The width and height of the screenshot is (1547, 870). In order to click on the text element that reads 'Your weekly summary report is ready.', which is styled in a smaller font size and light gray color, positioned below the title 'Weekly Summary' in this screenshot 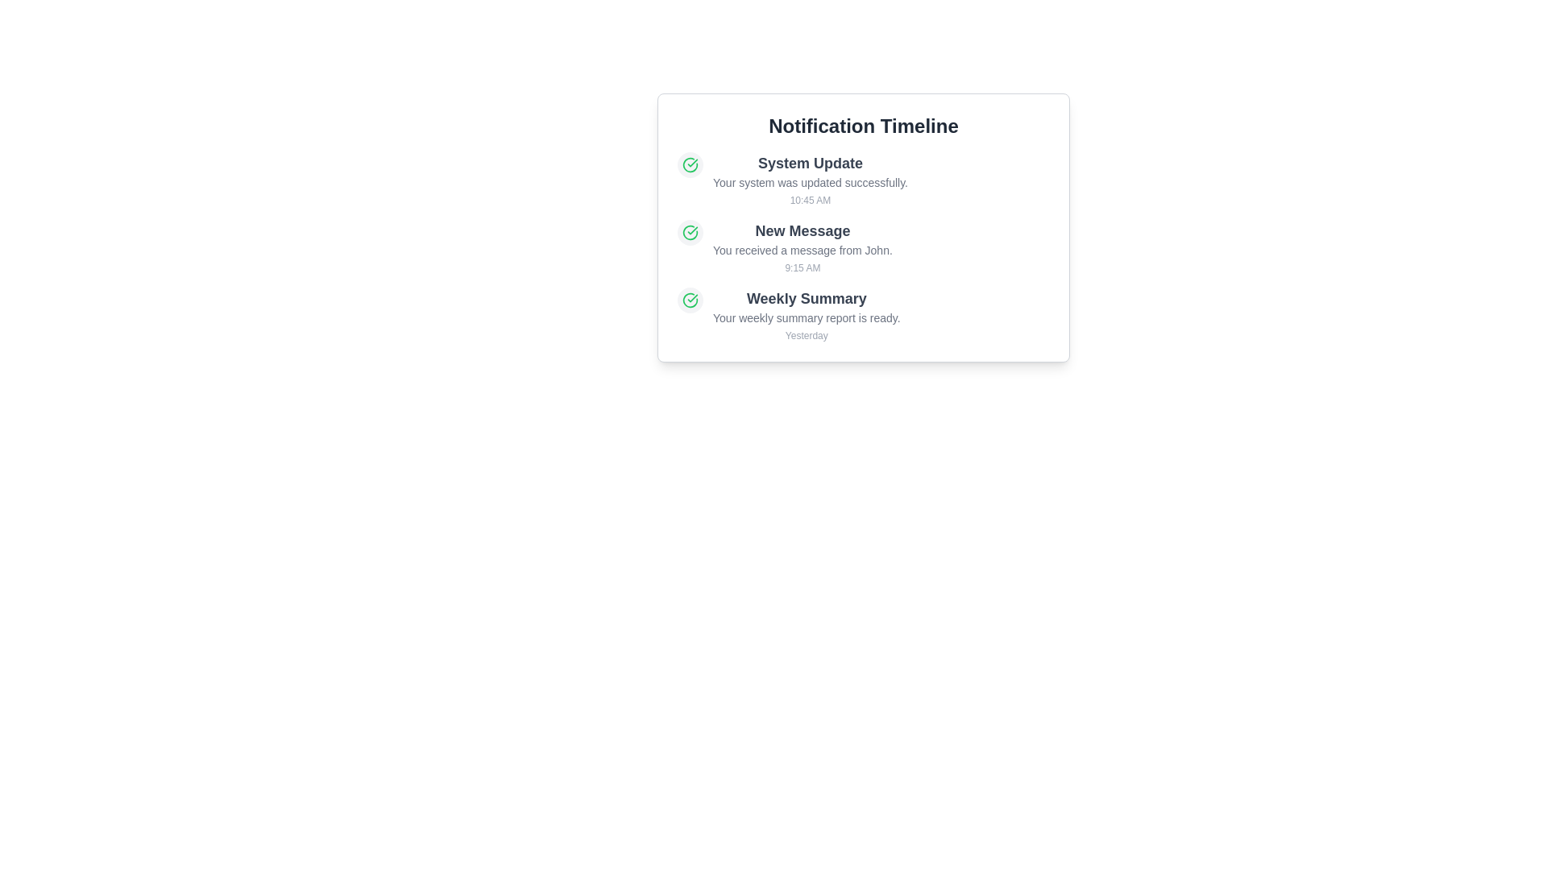, I will do `click(807, 317)`.